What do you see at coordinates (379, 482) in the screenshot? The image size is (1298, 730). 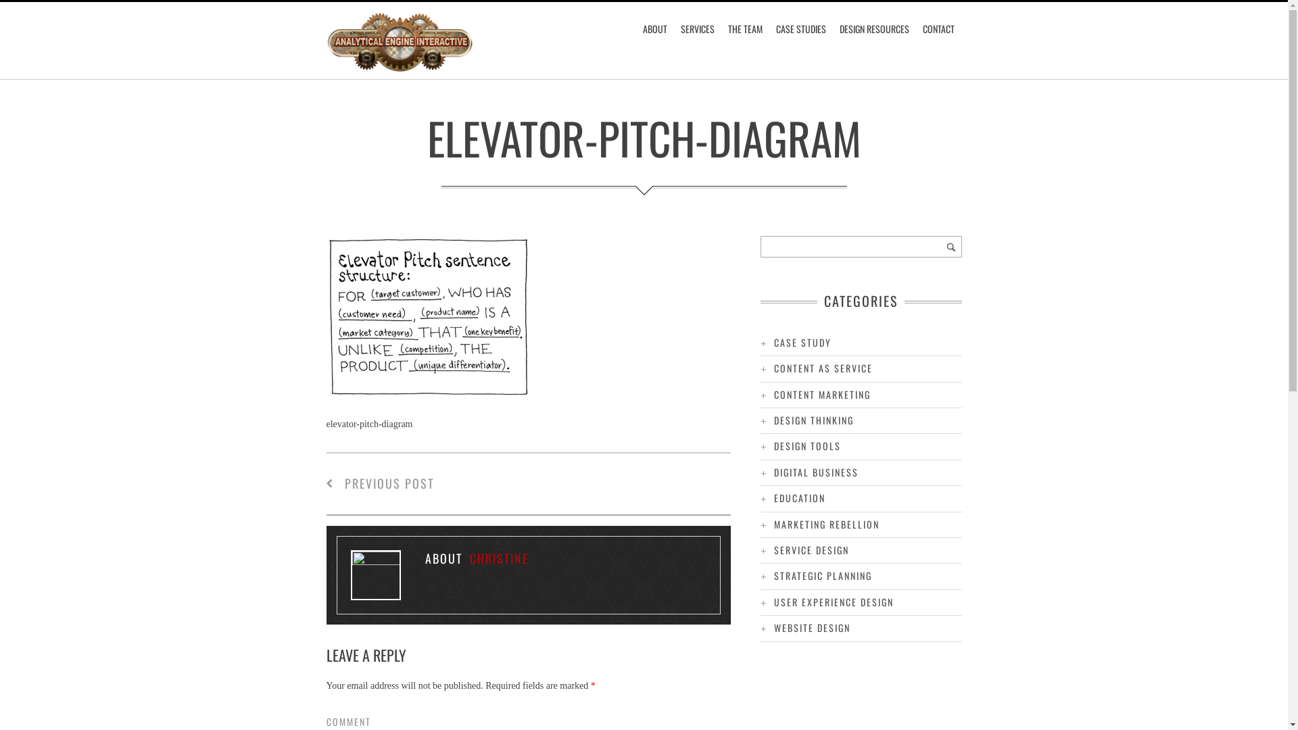 I see `'PREVIOUS POST'` at bounding box center [379, 482].